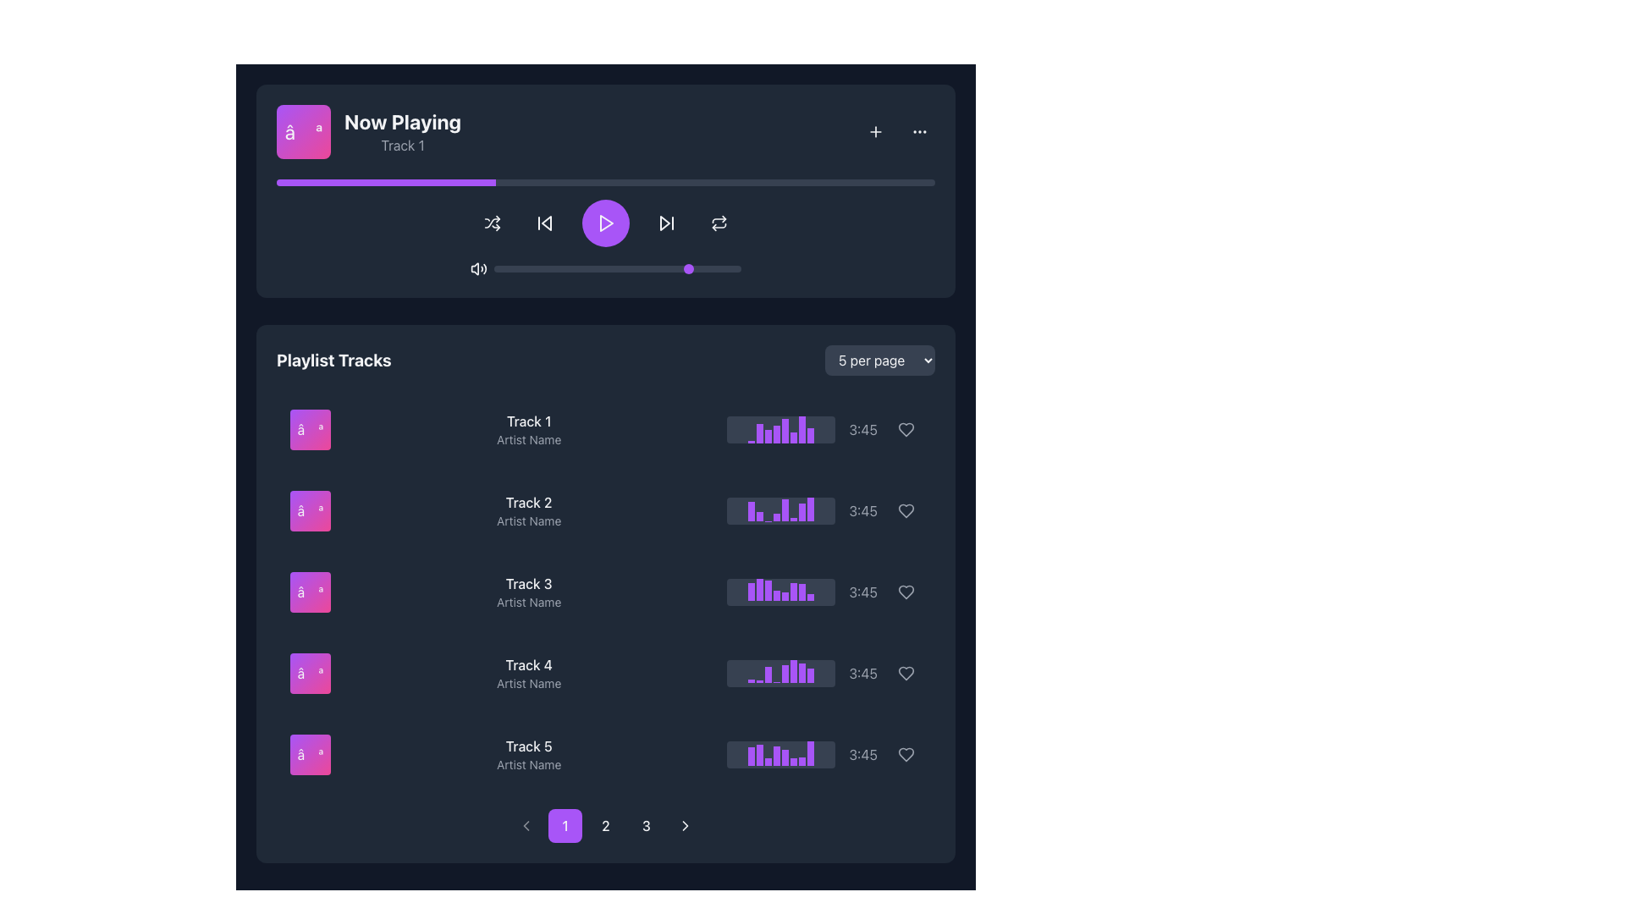 The image size is (1625, 914). What do you see at coordinates (605, 228) in the screenshot?
I see `the central playback button located at the center of the horizontal control bar to play or pause media` at bounding box center [605, 228].